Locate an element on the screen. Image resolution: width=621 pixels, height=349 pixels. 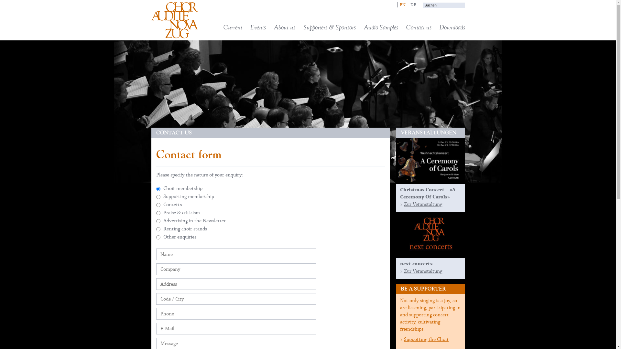
'Events' is located at coordinates (250, 27).